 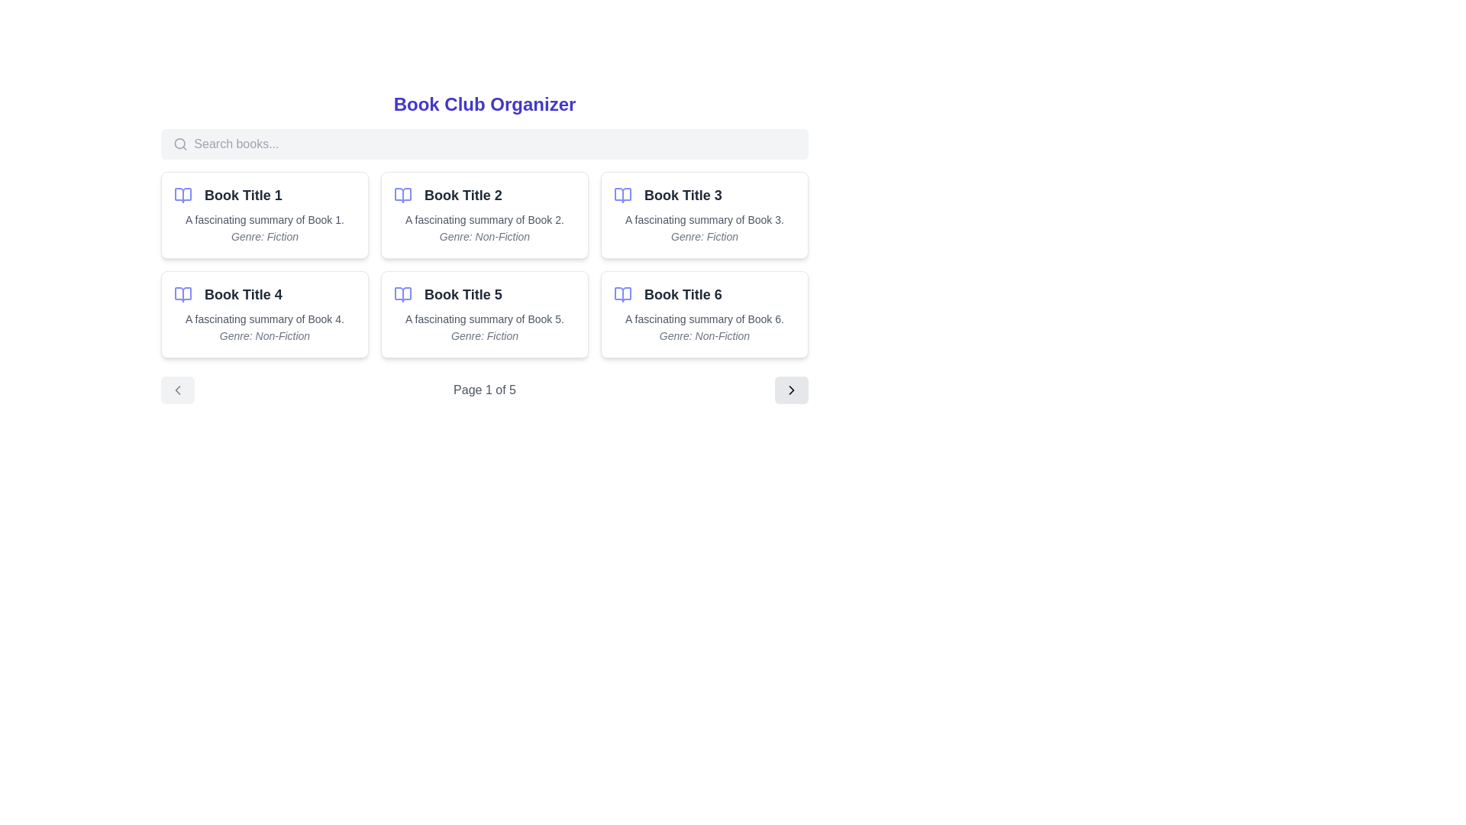 I want to click on the open book icon located in the top-right corner of the card for 'Book Title 6', which is indigo in color and has rounded stroke edges, so click(x=623, y=294).